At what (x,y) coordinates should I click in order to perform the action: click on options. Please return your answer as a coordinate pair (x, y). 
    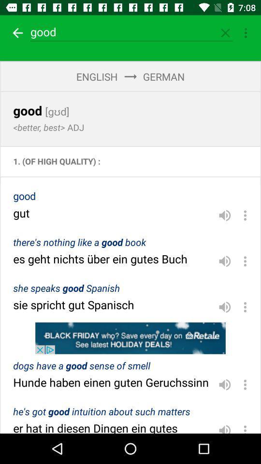
    Looking at the image, I should click on (245, 385).